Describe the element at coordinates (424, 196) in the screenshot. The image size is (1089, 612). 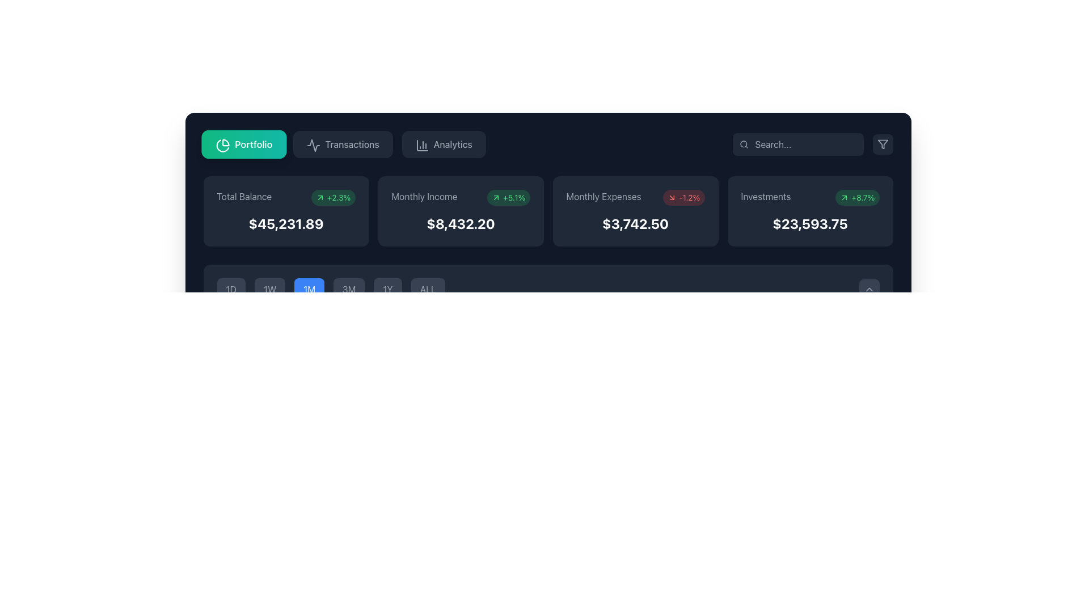
I see `the text label displaying 'Monthly Income' which is styled in gray and positioned at the upper-left corner of its card above the green percentage indicator ('+5.1%')` at that location.